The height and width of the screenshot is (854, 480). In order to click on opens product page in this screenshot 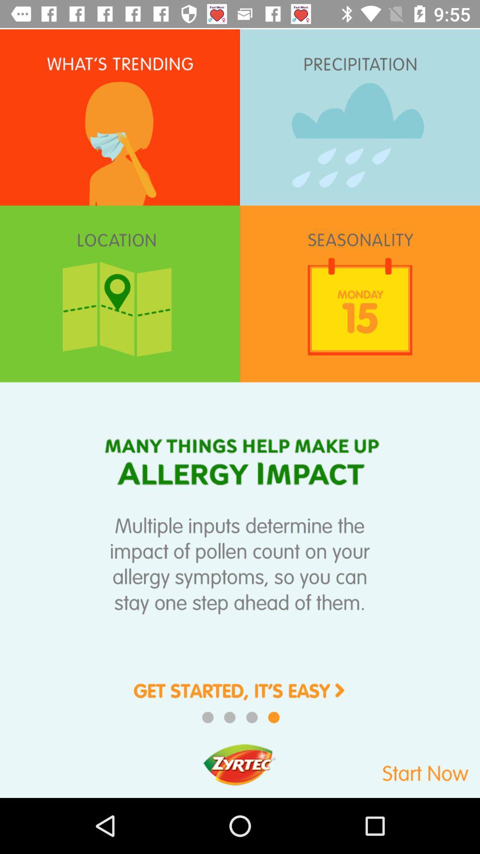, I will do `click(240, 697)`.